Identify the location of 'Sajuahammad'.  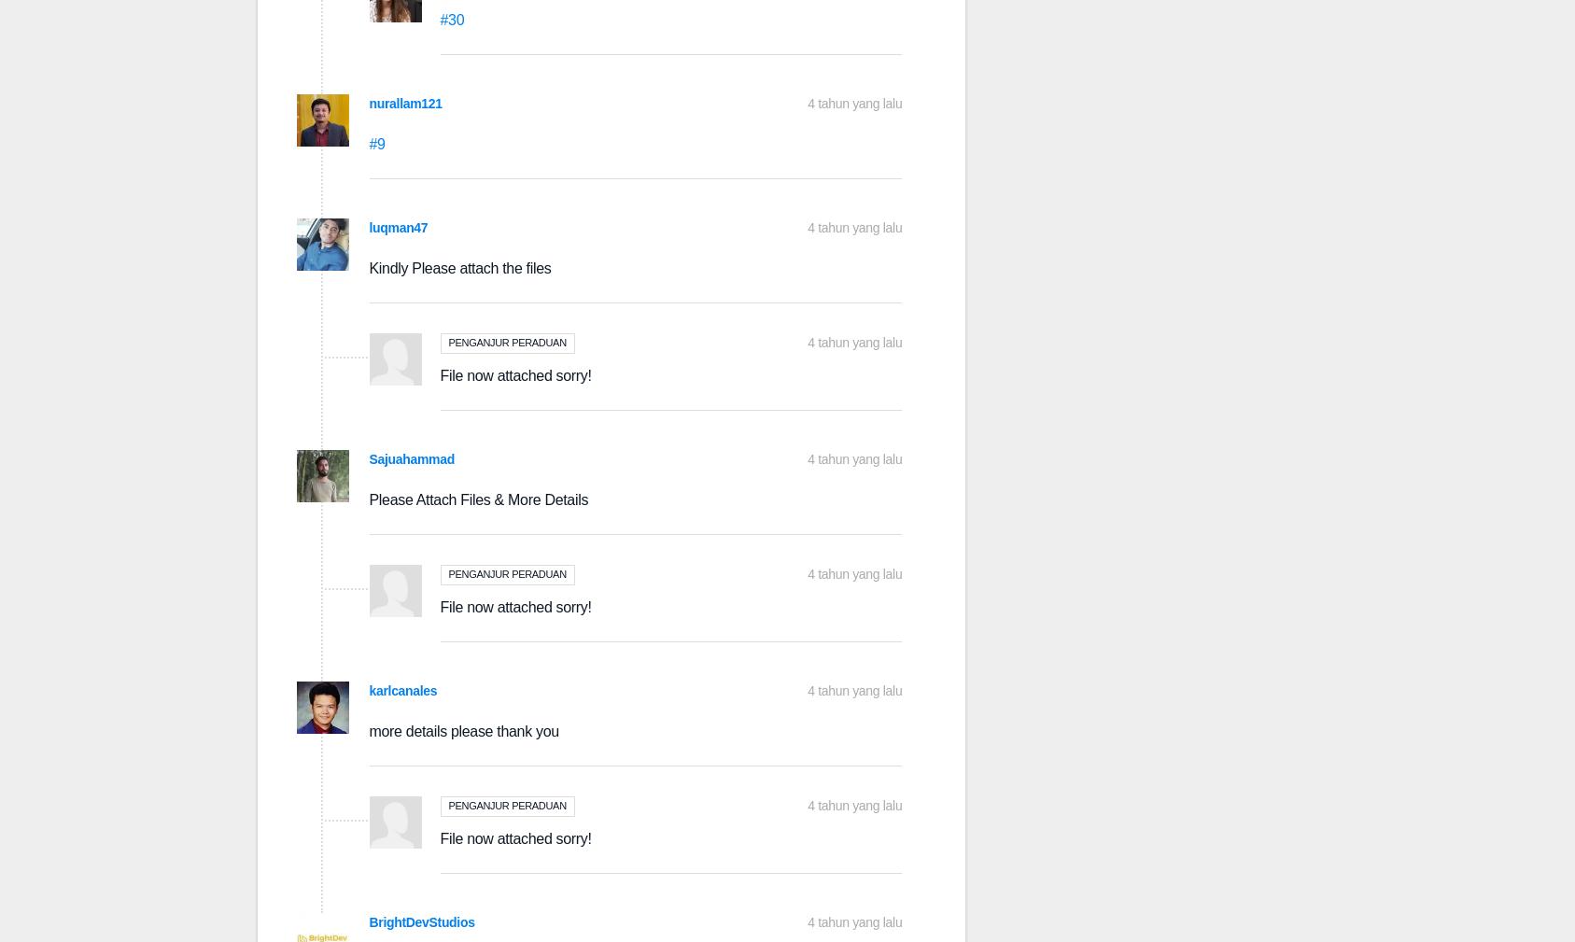
(411, 457).